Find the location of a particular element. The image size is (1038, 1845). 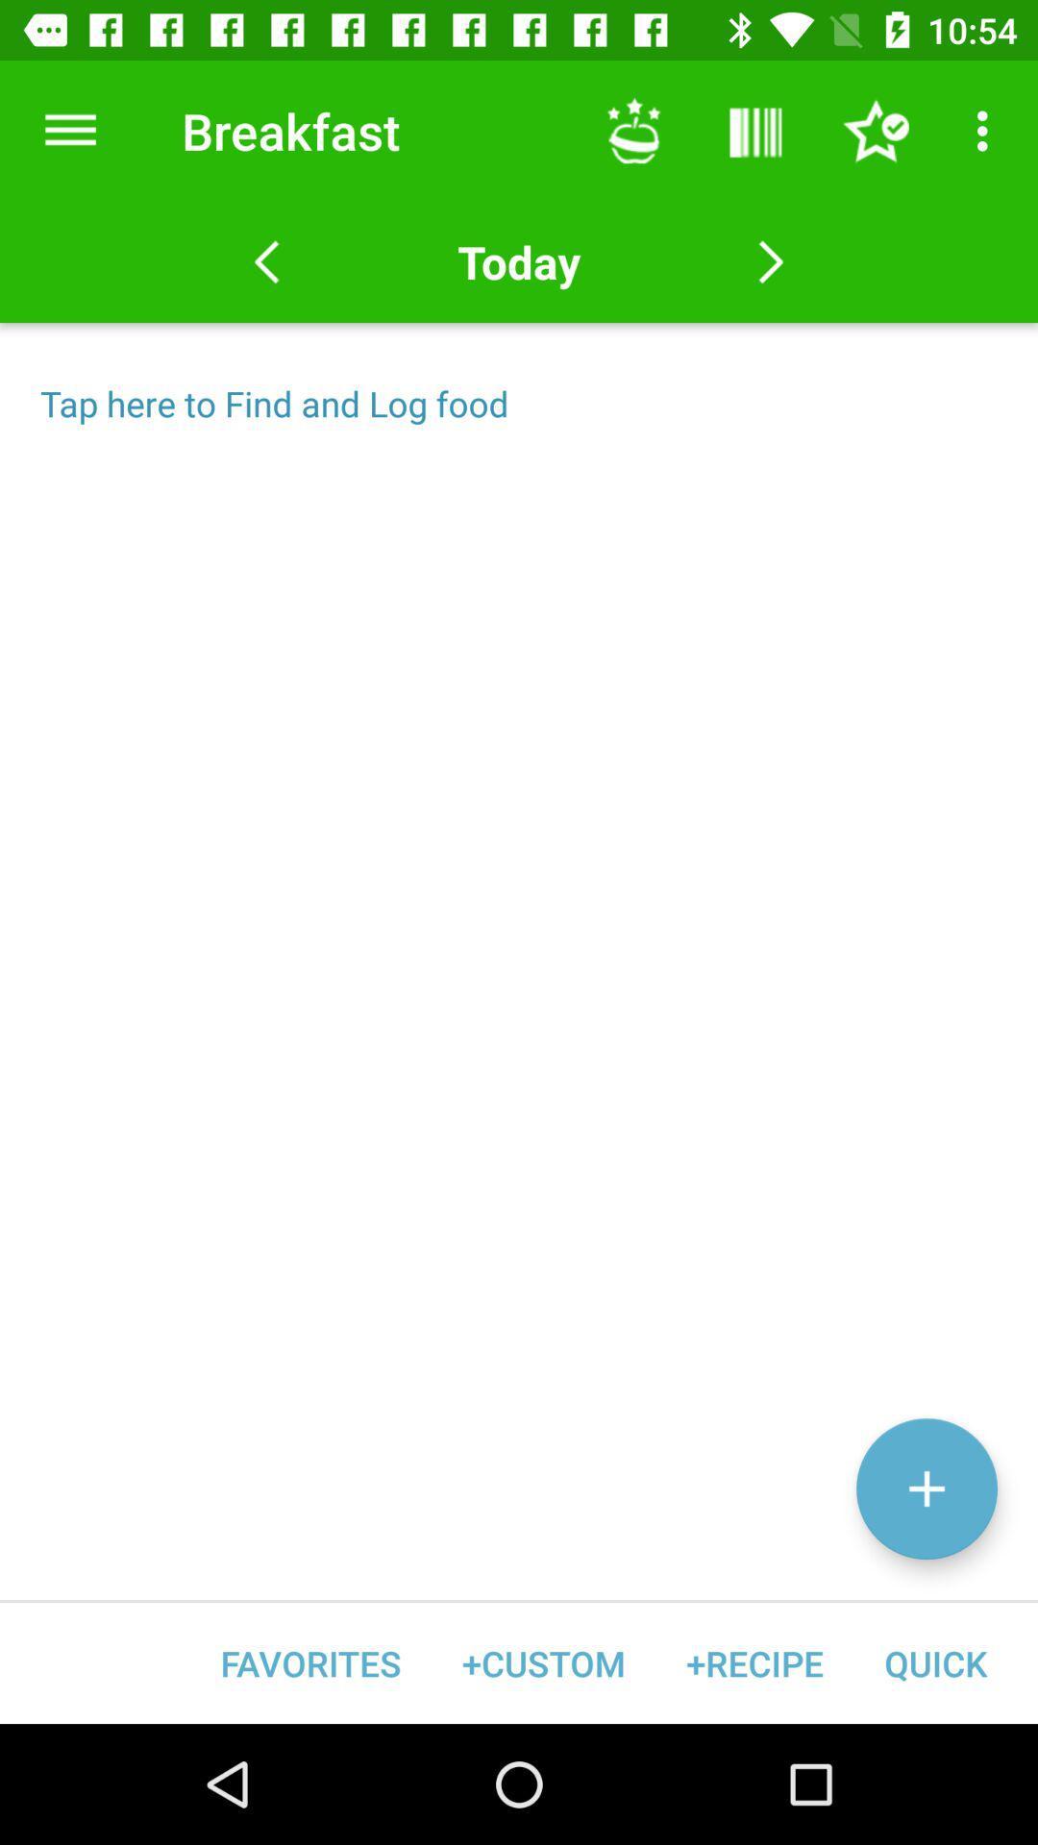

the arrow_forward icon is located at coordinates (770, 261).